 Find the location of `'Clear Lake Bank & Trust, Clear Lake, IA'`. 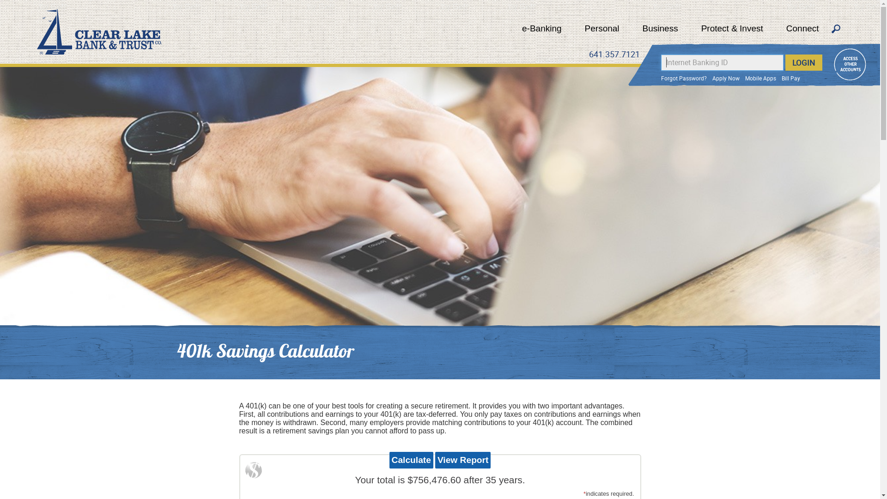

'Clear Lake Bank & Trust, Clear Lake, IA' is located at coordinates (99, 31).